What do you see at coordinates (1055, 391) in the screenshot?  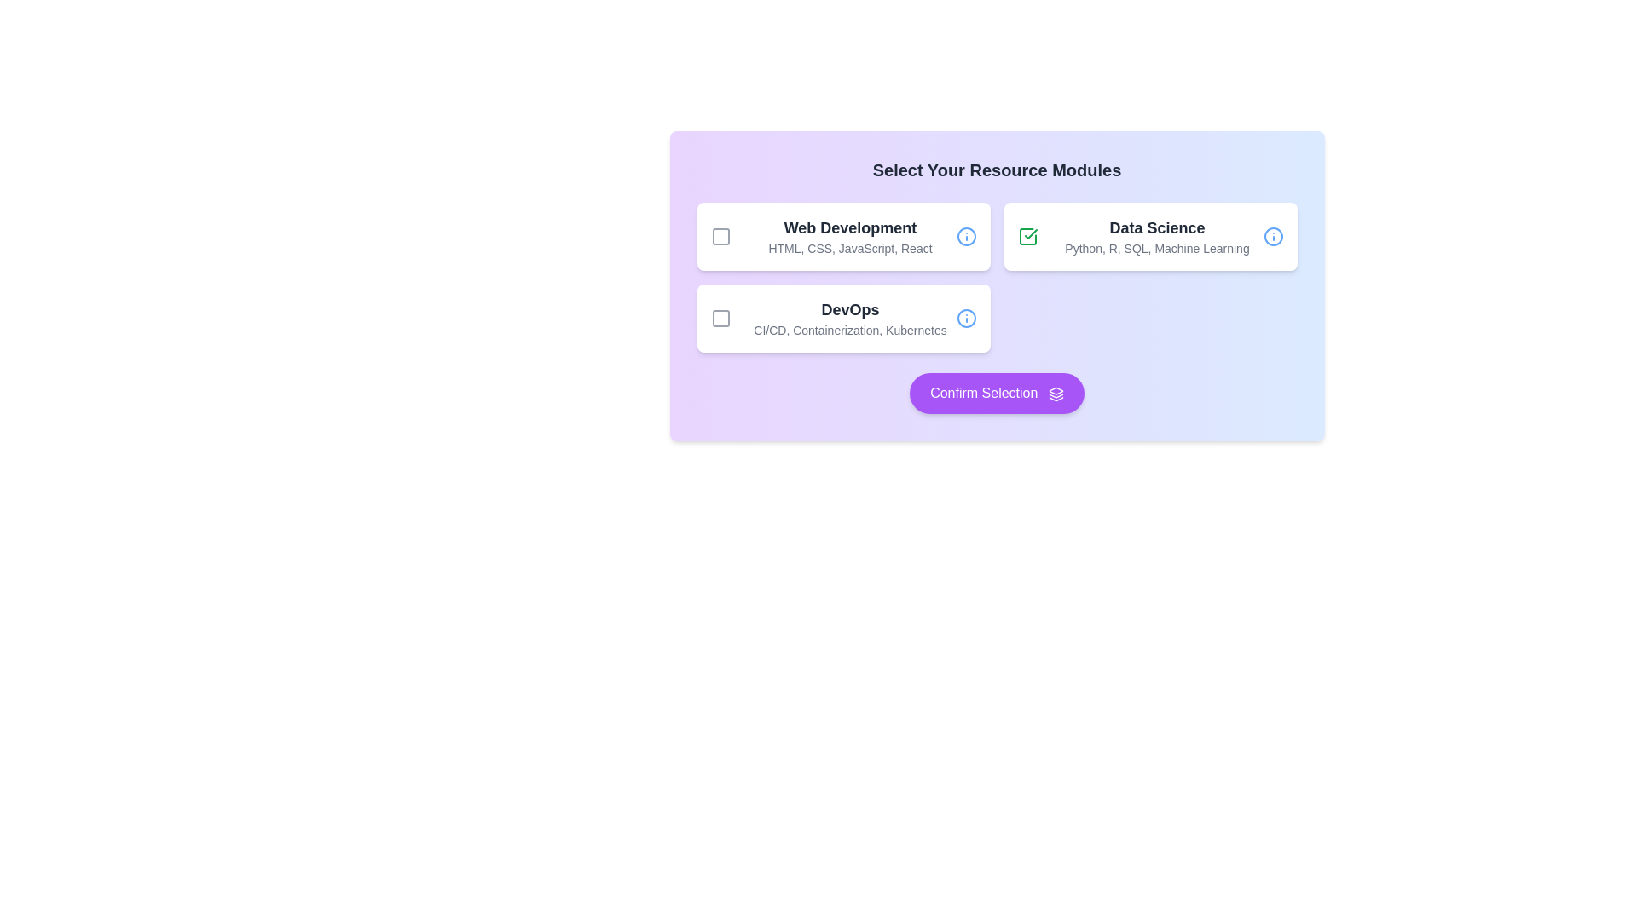 I see `the topmost layer icon that visually represents a feature or functionality, located near the right edge of the 'Confirm Selection' button` at bounding box center [1055, 391].